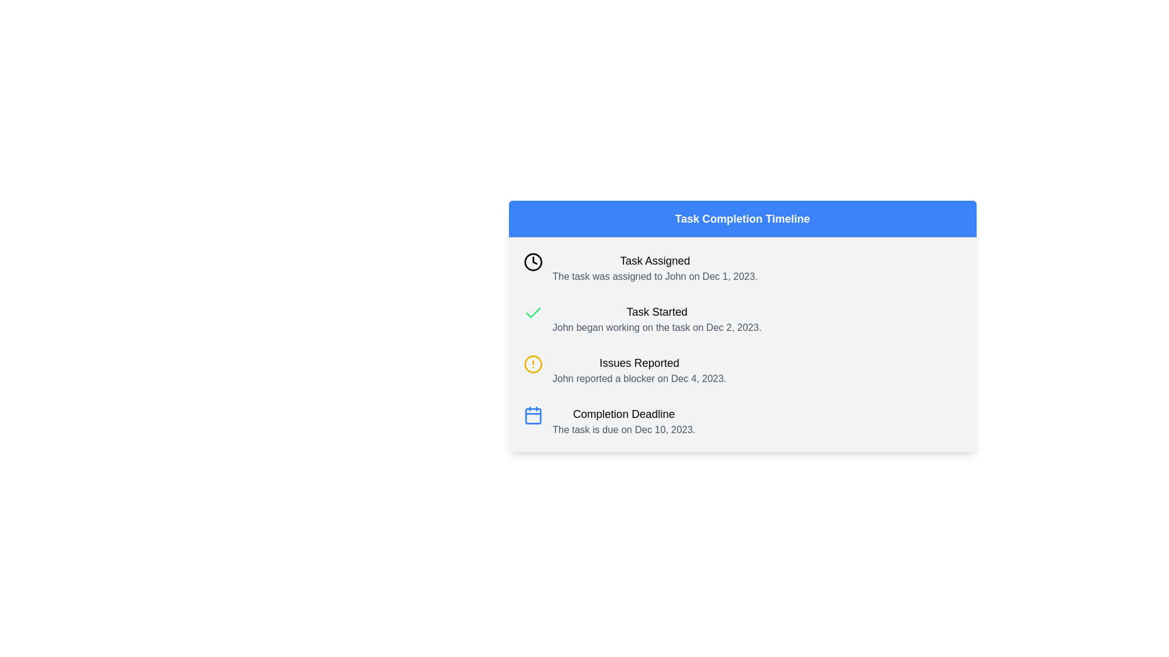 This screenshot has width=1169, height=657. What do you see at coordinates (742, 267) in the screenshot?
I see `the first item in the 'Task Completion Timeline' list, which displays the status title 'Task Assigned' and a description about task assignment` at bounding box center [742, 267].